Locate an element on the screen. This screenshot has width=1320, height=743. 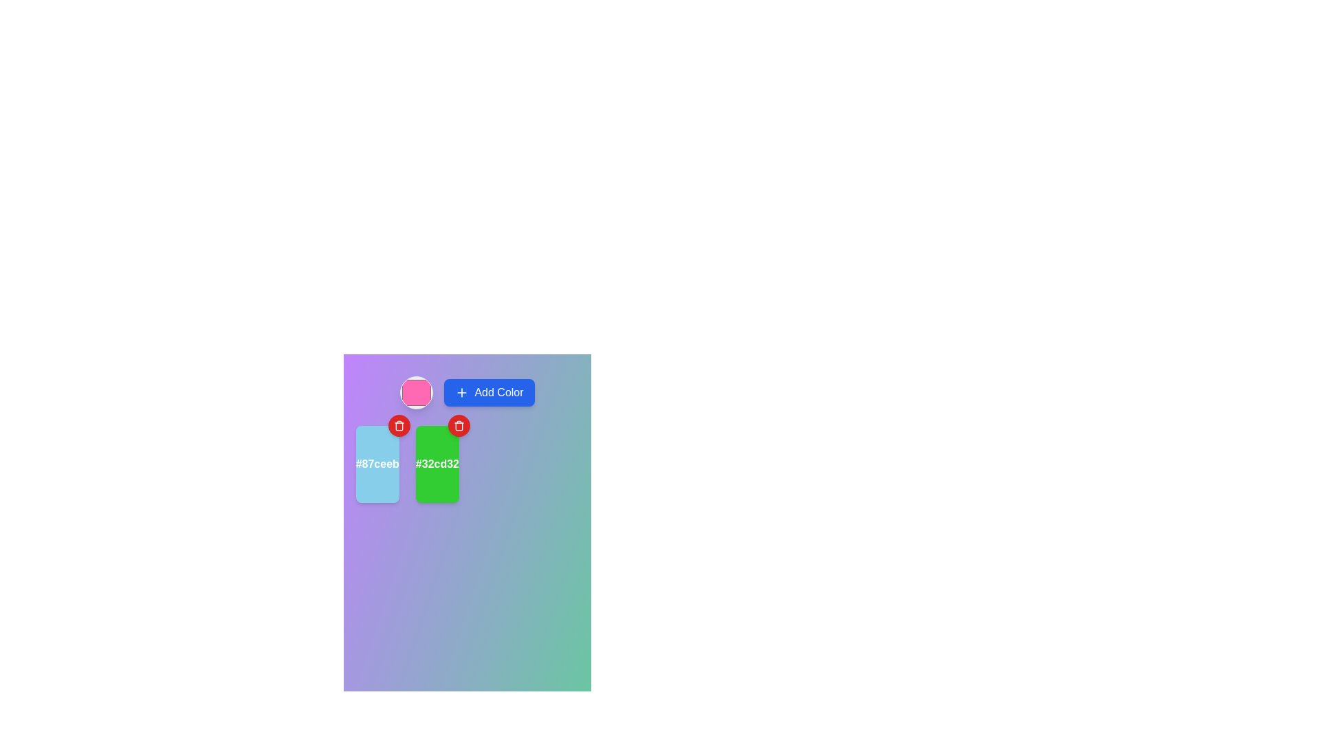
the 'Add Color' button which features a plus symbol icon, located towards the top right corner of the highlighted interface section is located at coordinates (462, 392).